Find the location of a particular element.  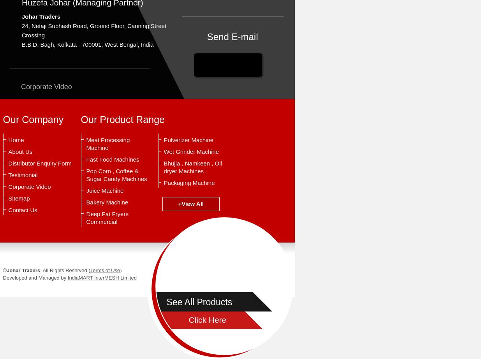

'Terms of Use' is located at coordinates (105, 270).